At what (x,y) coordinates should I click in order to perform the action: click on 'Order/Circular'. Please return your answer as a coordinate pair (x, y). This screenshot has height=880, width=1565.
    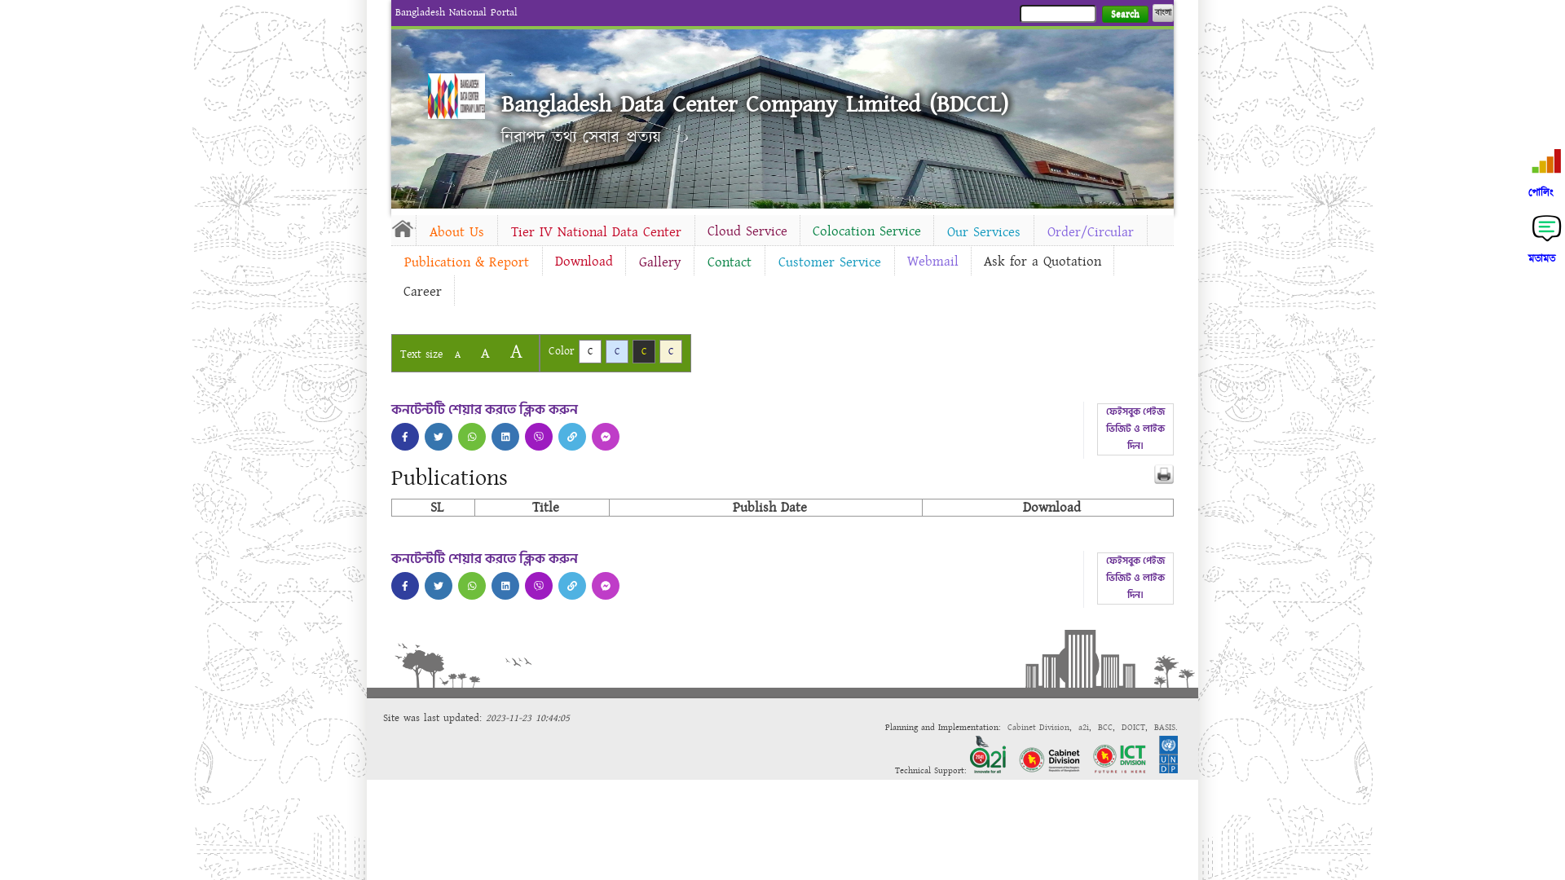
    Looking at the image, I should click on (1091, 232).